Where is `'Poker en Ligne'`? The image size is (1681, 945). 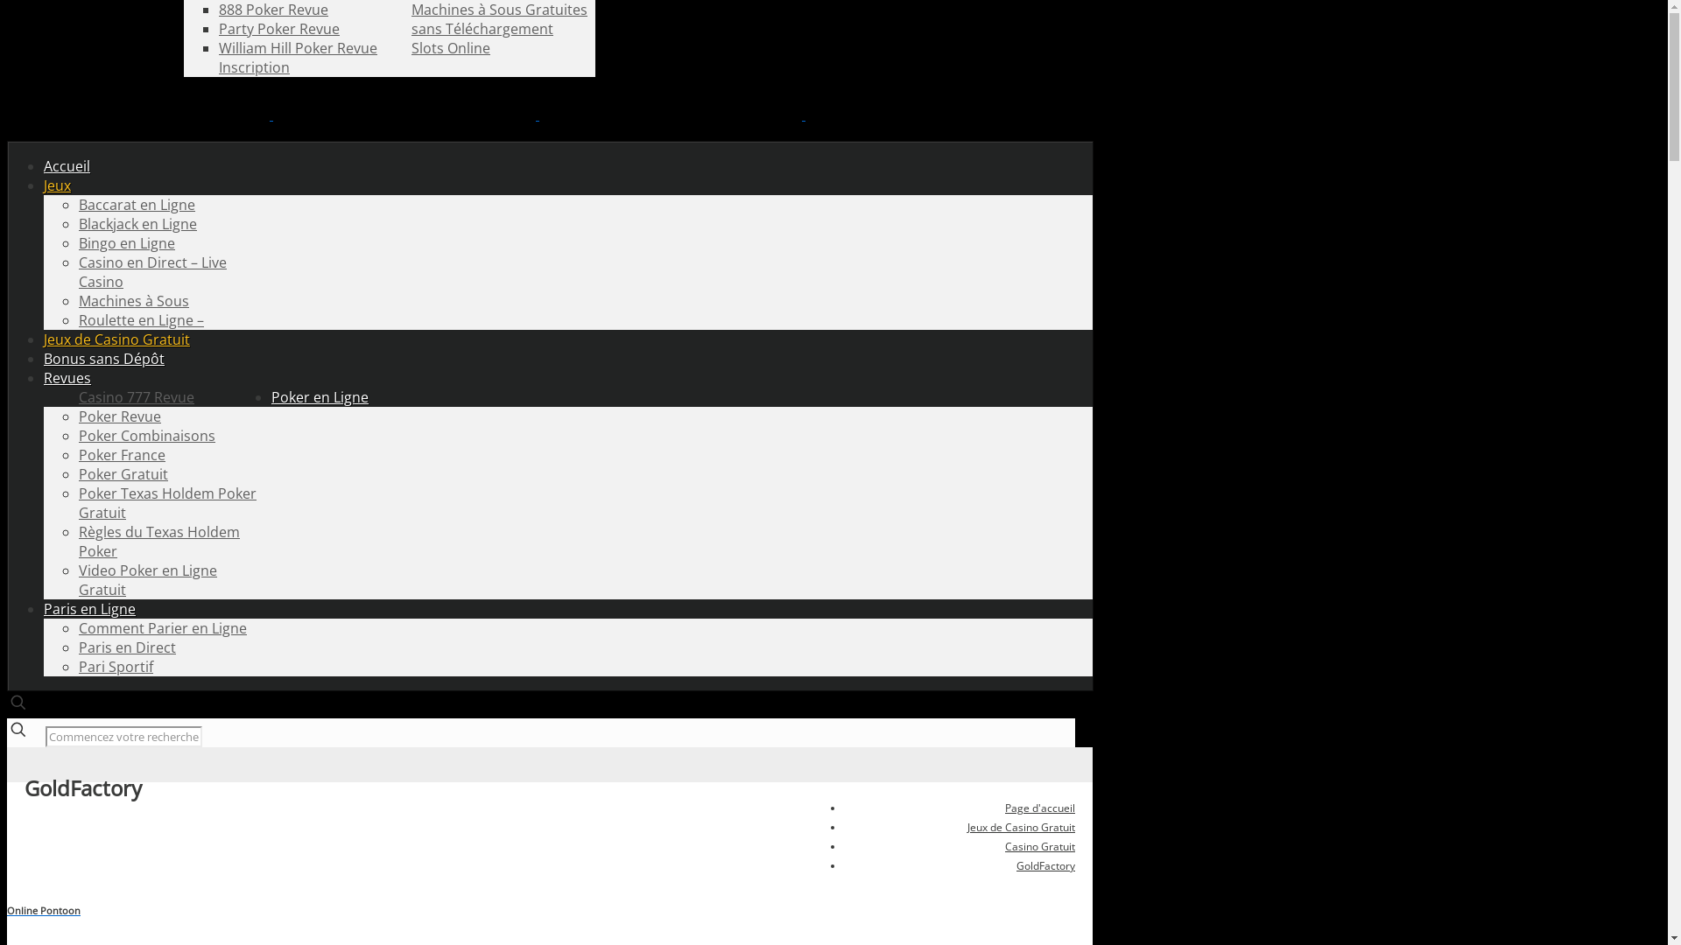 'Poker en Ligne' is located at coordinates (320, 397).